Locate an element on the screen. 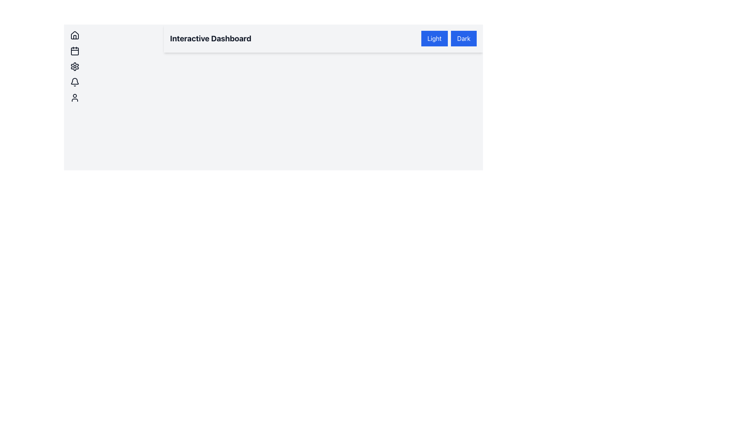 This screenshot has width=749, height=421. the house-shaped icon at the top of the vertical list of icons on the left side of the interface is located at coordinates (75, 35).